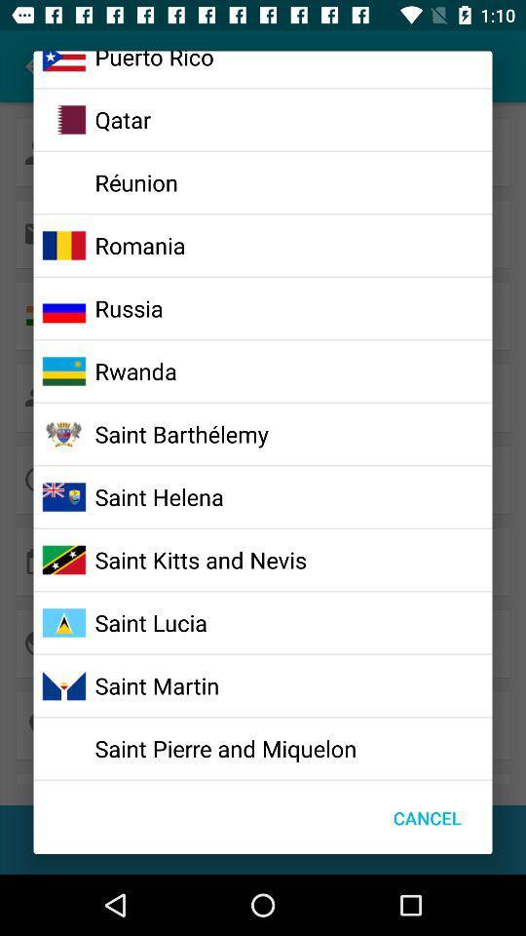 This screenshot has height=936, width=526. Describe the element at coordinates (156, 685) in the screenshot. I see `the saint martin icon` at that location.